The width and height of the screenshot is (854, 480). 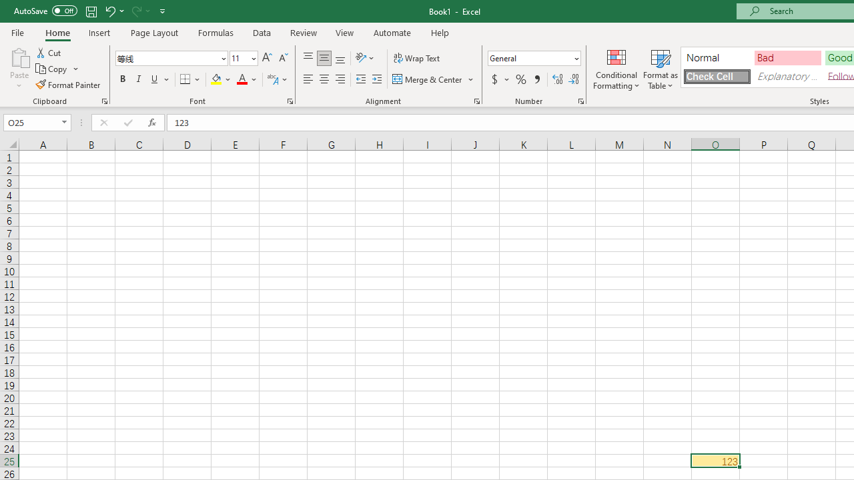 What do you see at coordinates (49, 52) in the screenshot?
I see `'Cut'` at bounding box center [49, 52].